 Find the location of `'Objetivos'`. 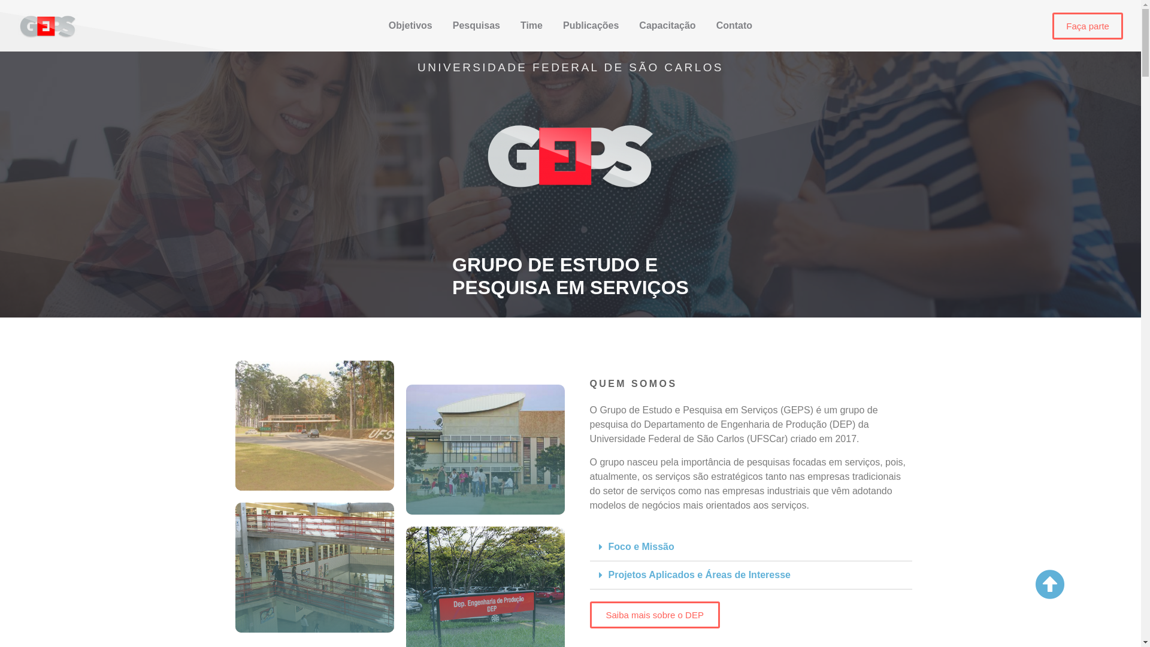

'Objetivos' is located at coordinates (410, 25).